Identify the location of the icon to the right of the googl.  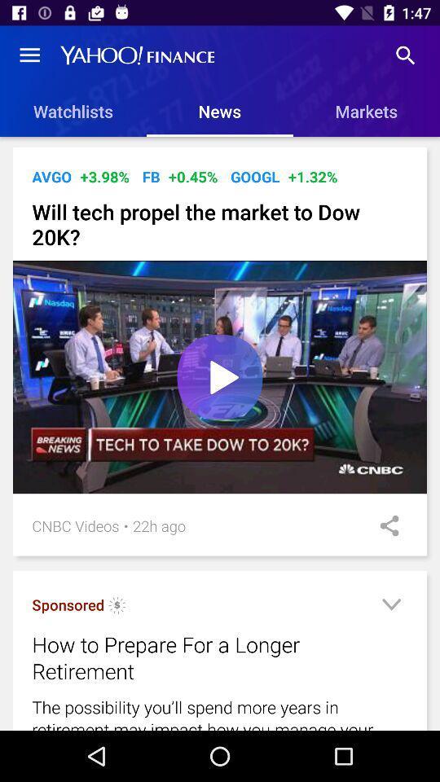
(313, 177).